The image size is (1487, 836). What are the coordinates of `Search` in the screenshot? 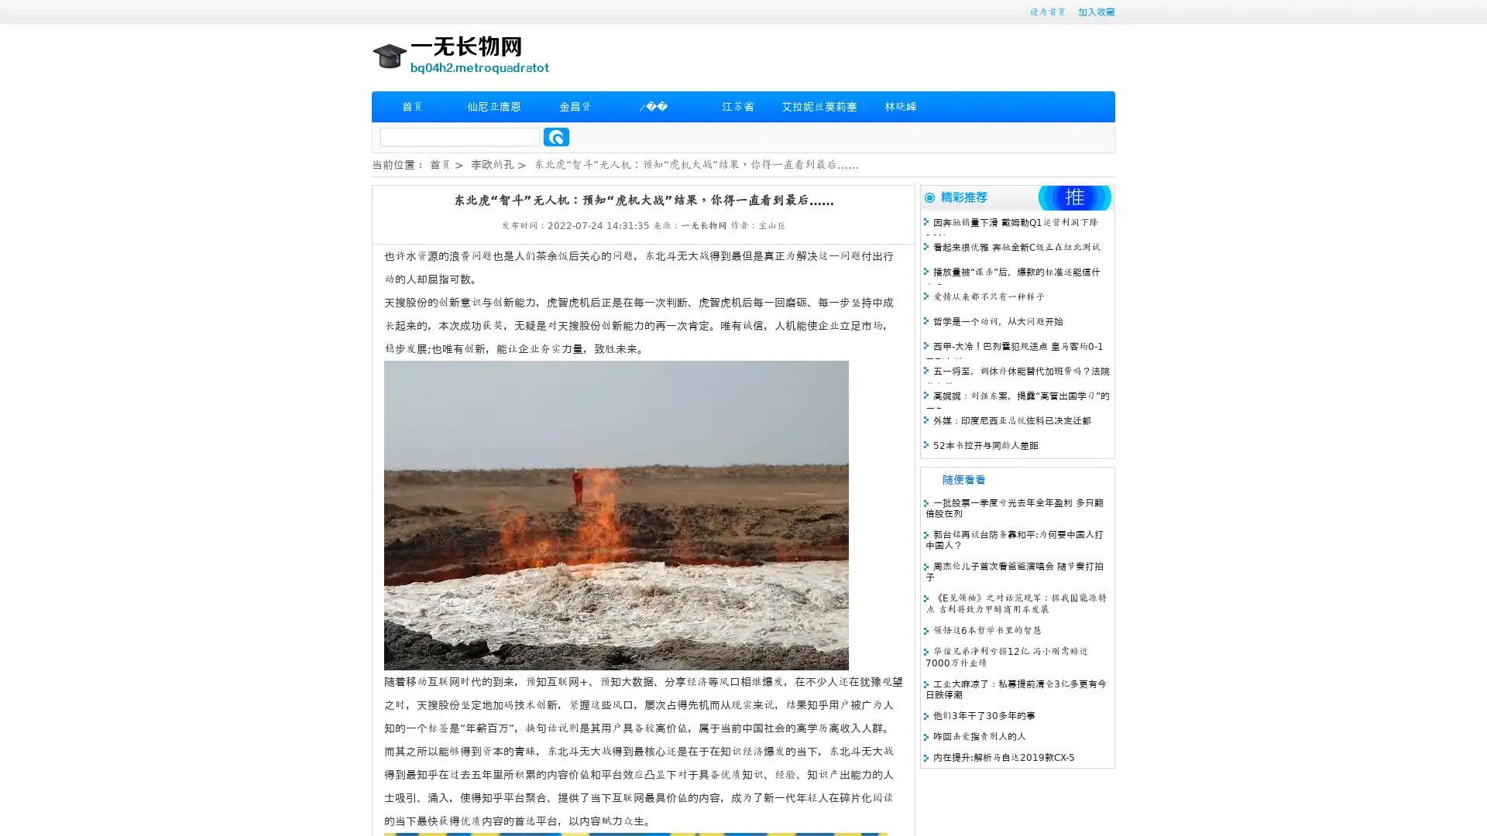 It's located at (556, 136).